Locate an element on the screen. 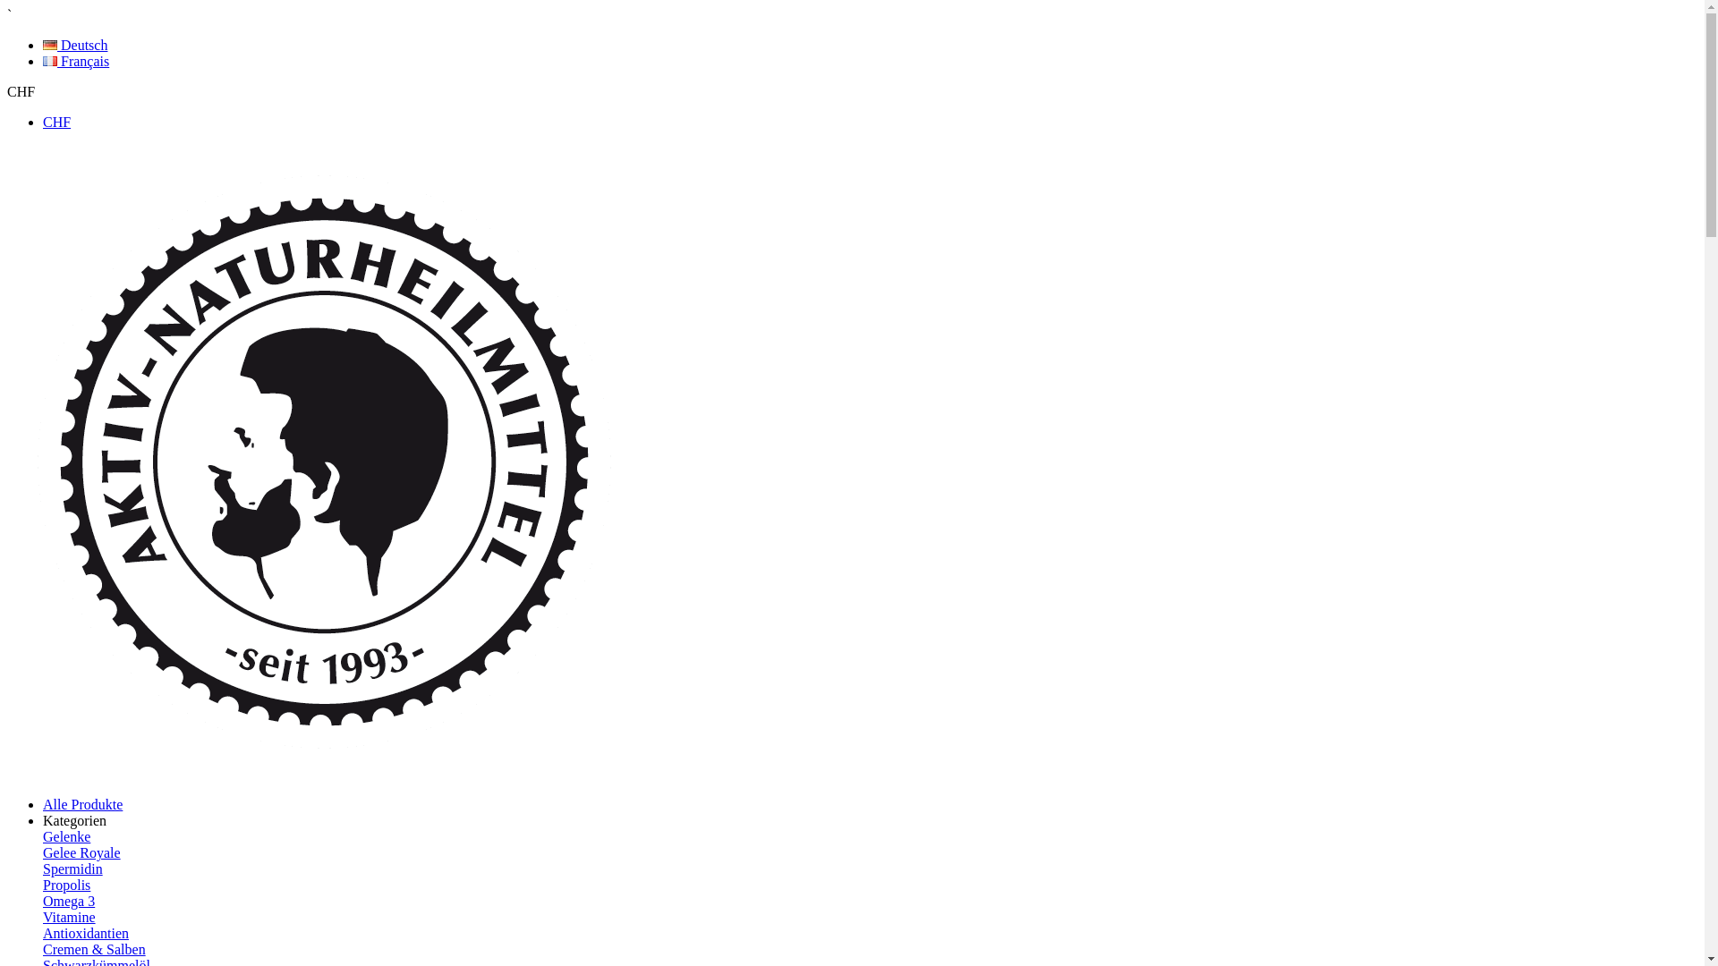 This screenshot has width=1718, height=966. 'Spermidin' is located at coordinates (72, 868).